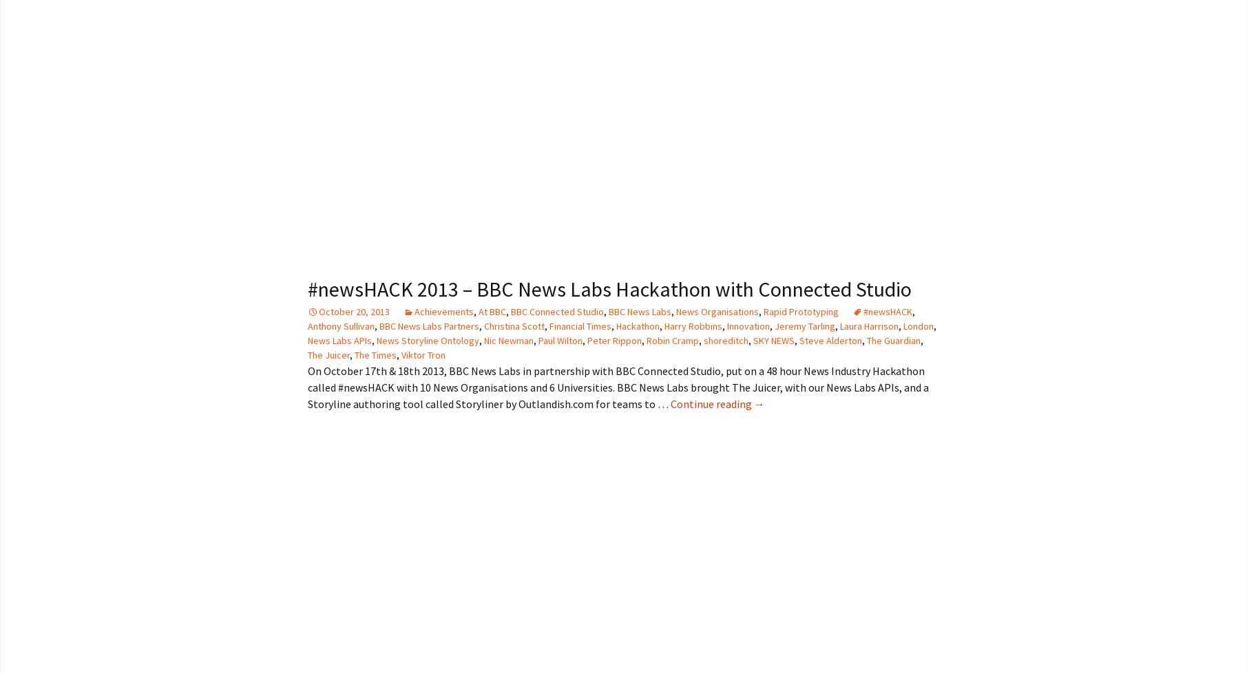 The height and width of the screenshot is (673, 1247). Describe the element at coordinates (887, 310) in the screenshot. I see `'#newsHACK'` at that location.